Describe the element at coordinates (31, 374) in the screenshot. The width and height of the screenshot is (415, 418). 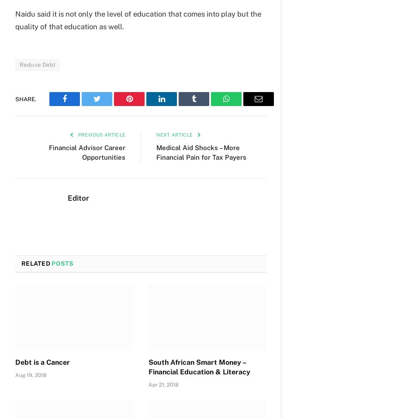
I see `'Aug 19, 2018'` at that location.